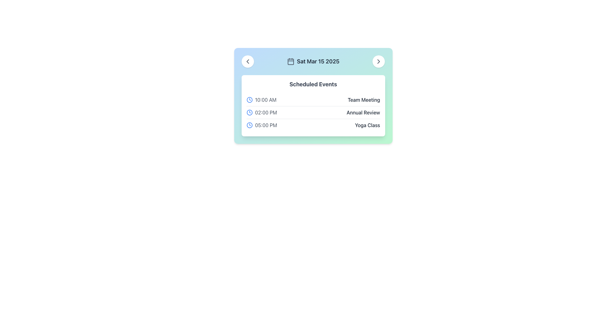 This screenshot has width=594, height=334. Describe the element at coordinates (364, 100) in the screenshot. I see `the Text Label displaying the title of a scheduled event, located to the right of '10:00 AM' in the event schedule` at that location.